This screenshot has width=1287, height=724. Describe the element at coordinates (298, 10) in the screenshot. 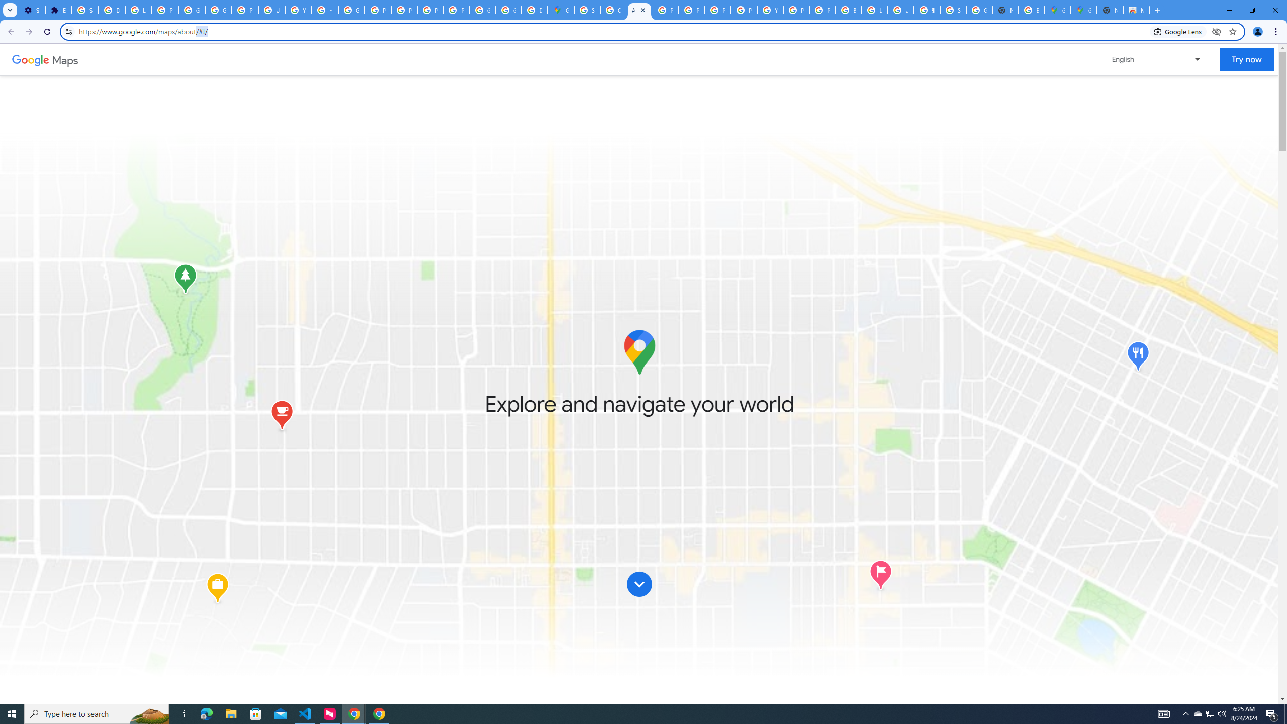

I see `'YouTube'` at that location.